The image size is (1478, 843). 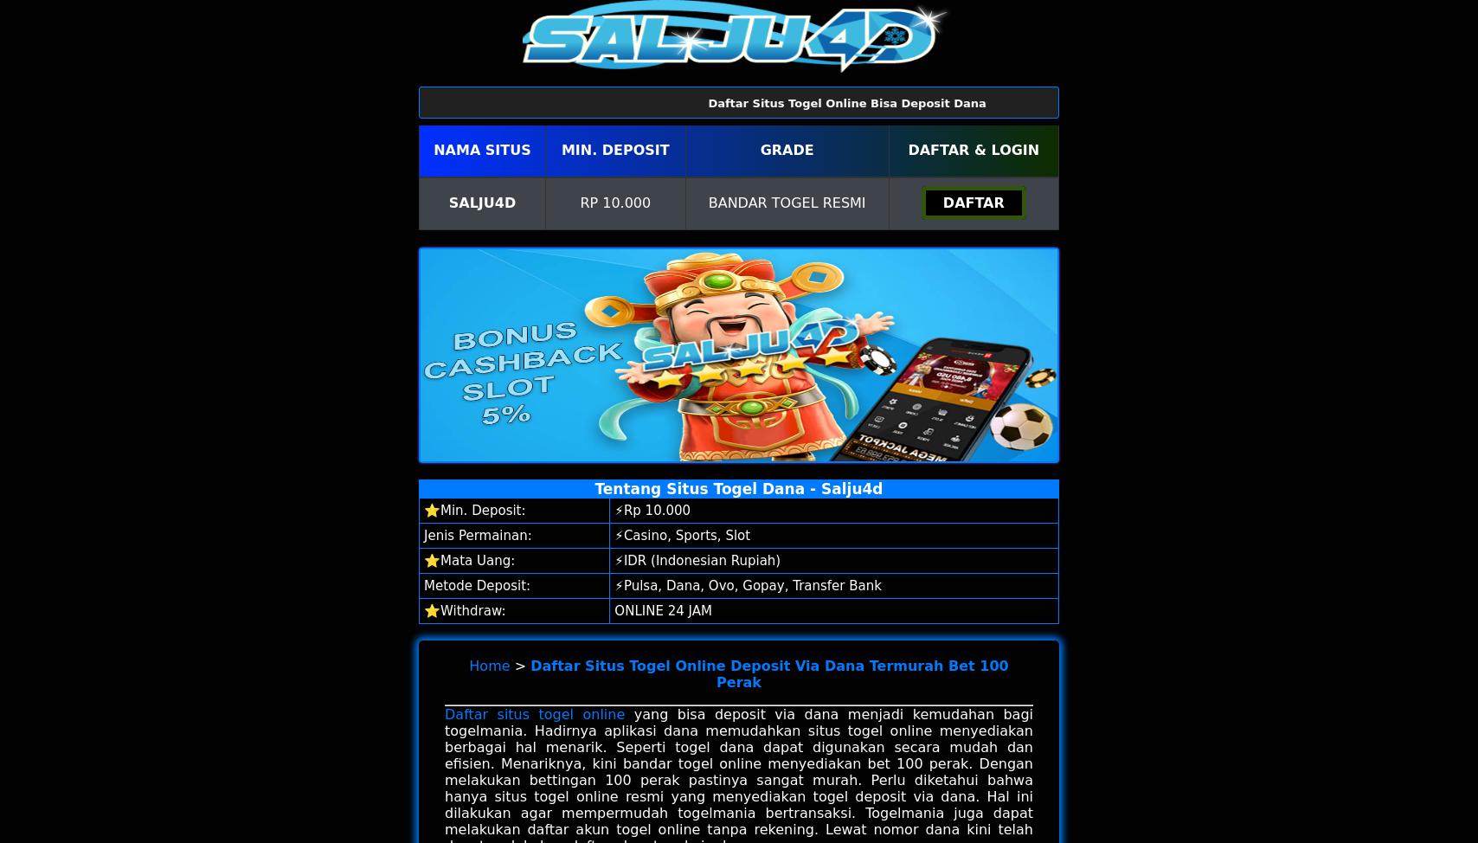 What do you see at coordinates (615, 202) in the screenshot?
I see `'Rp 10.000'` at bounding box center [615, 202].